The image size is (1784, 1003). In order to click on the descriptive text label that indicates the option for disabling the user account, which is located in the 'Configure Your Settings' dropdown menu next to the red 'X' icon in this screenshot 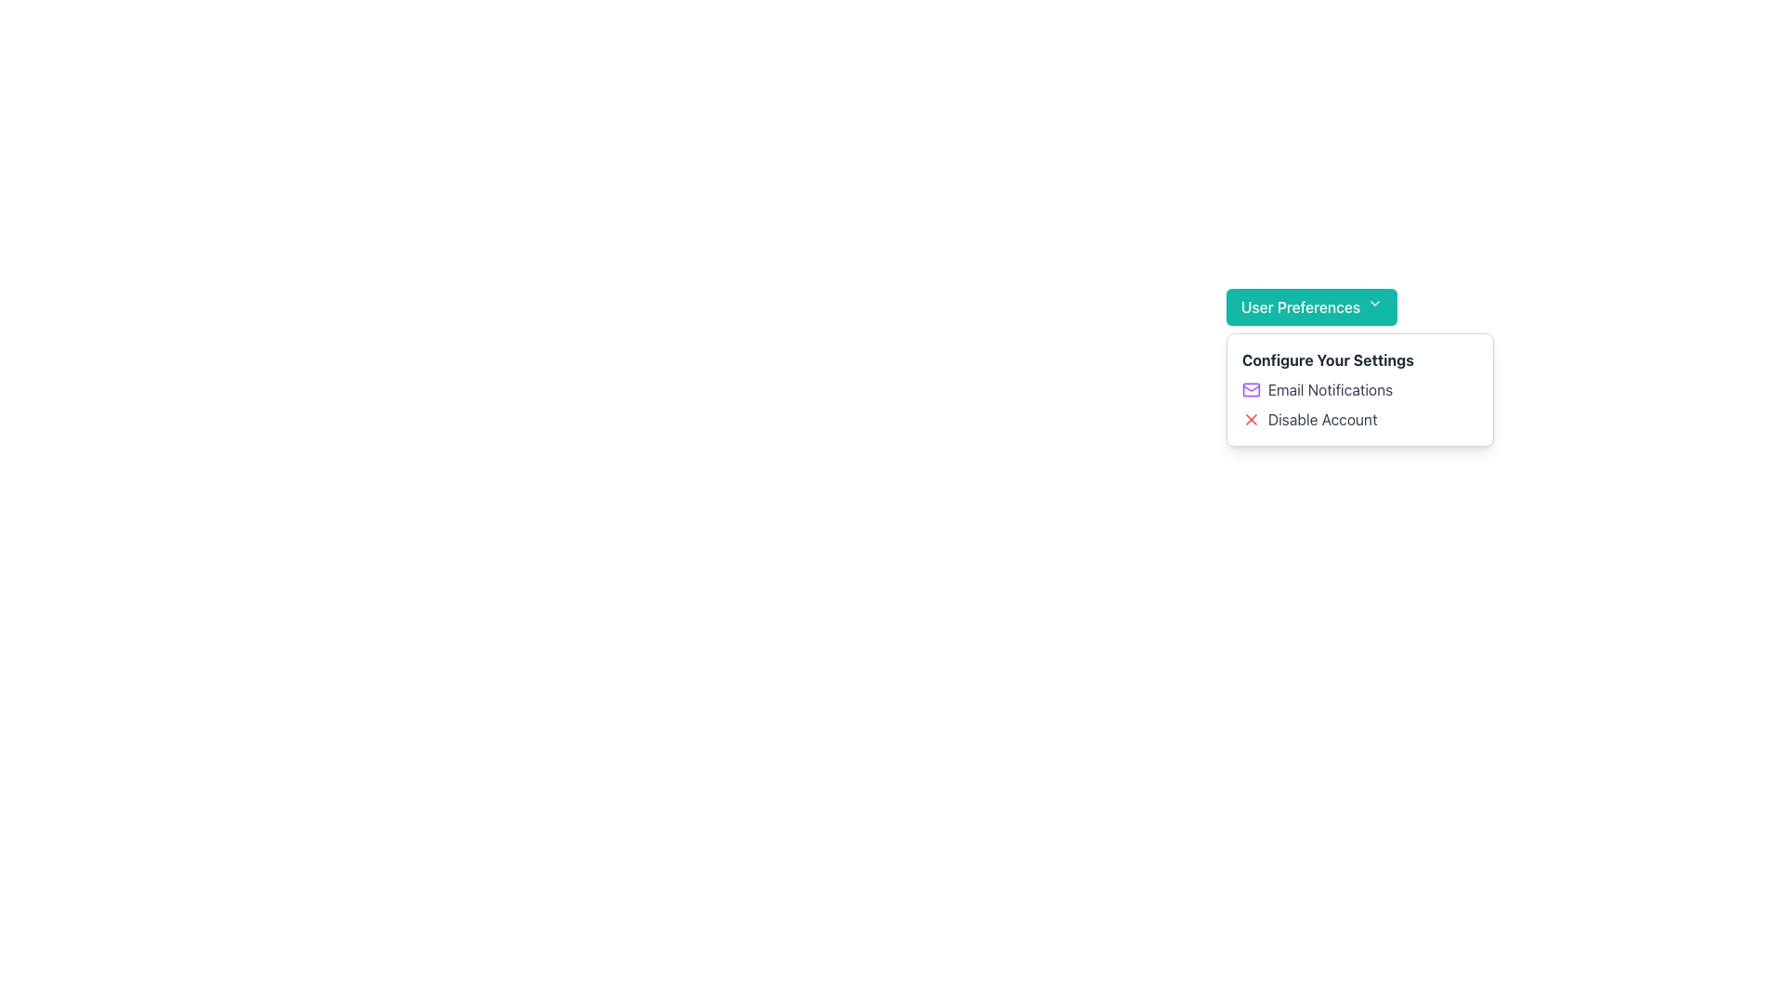, I will do `click(1321, 419)`.